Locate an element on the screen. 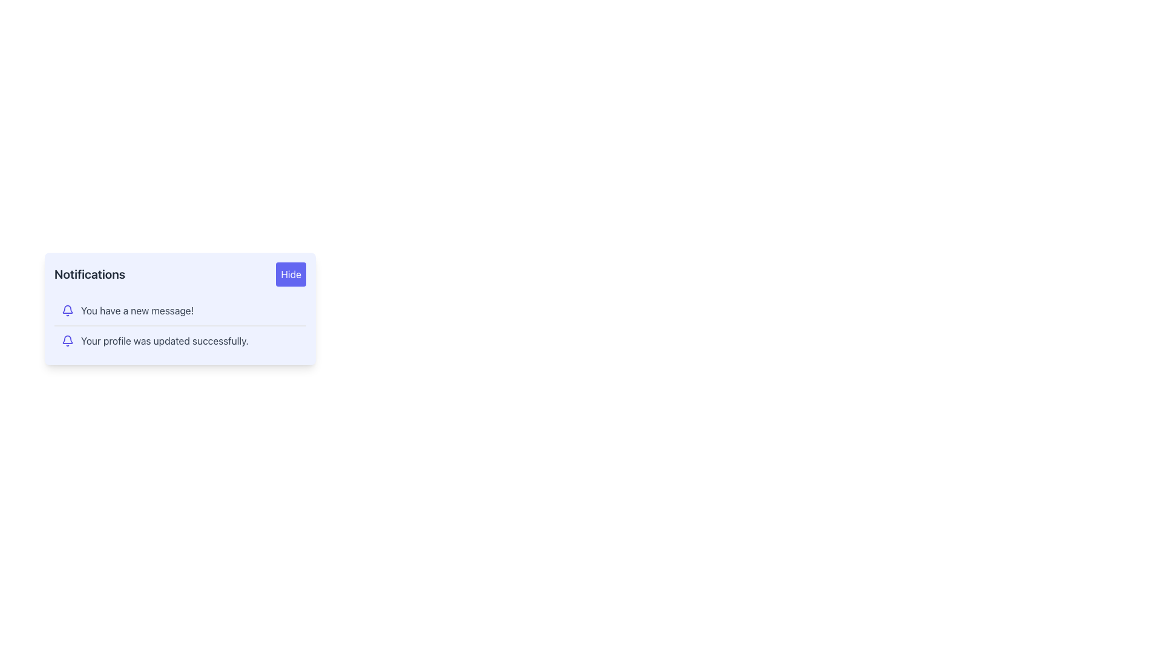 This screenshot has width=1162, height=653. notification message that says 'You have a new message!' which is the first item in the list of notifications is located at coordinates (179, 310).